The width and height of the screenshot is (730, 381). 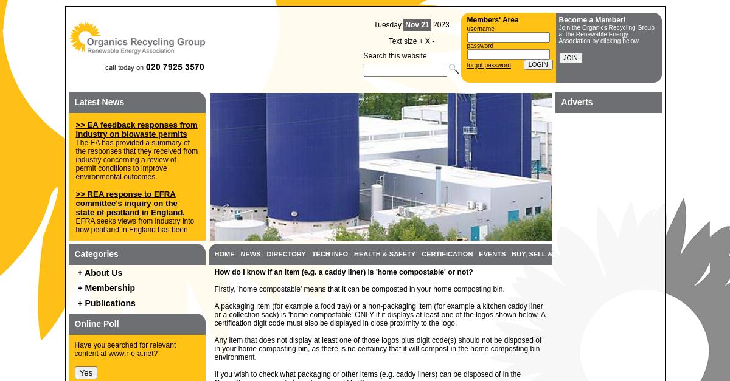 What do you see at coordinates (96, 323) in the screenshot?
I see `'Online Poll'` at bounding box center [96, 323].